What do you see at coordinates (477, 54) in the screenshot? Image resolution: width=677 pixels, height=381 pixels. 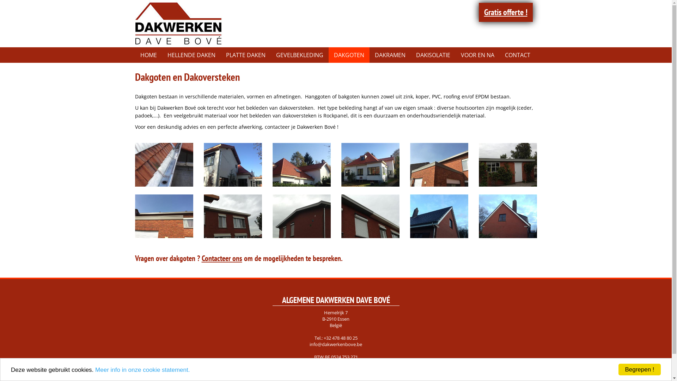 I see `'VOOR EN NA'` at bounding box center [477, 54].